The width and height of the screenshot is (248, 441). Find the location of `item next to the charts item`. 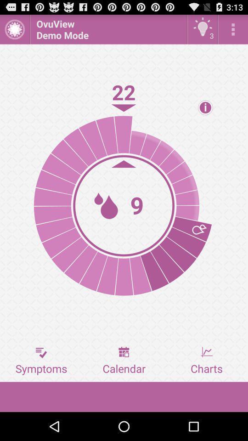

item next to the charts item is located at coordinates (124, 361).